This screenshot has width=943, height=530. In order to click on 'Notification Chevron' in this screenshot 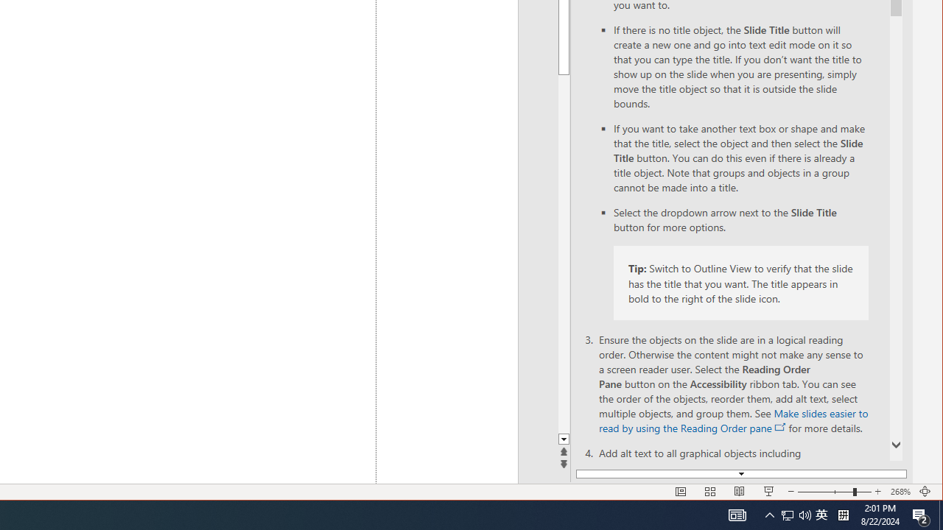, I will do `click(769, 514)`.